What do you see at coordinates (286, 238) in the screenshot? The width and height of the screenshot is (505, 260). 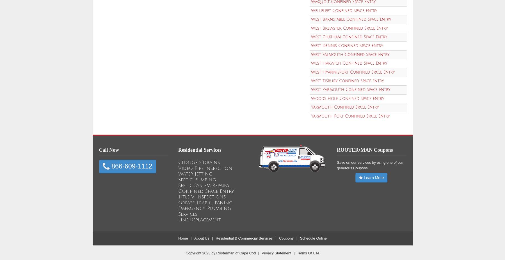 I see `'Coupons'` at bounding box center [286, 238].